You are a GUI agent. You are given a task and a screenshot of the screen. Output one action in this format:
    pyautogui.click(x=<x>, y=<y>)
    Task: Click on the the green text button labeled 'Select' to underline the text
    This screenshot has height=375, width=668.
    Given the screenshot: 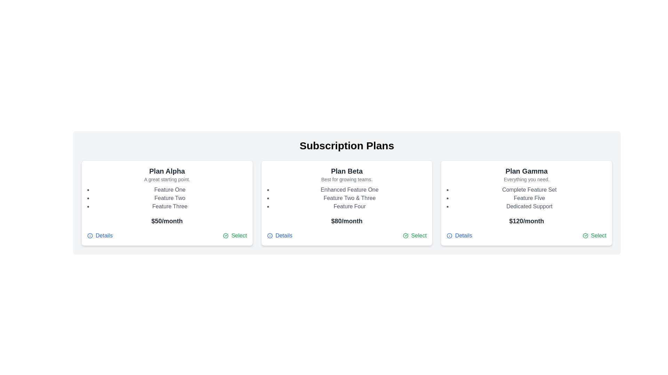 What is the action you would take?
    pyautogui.click(x=415, y=235)
    